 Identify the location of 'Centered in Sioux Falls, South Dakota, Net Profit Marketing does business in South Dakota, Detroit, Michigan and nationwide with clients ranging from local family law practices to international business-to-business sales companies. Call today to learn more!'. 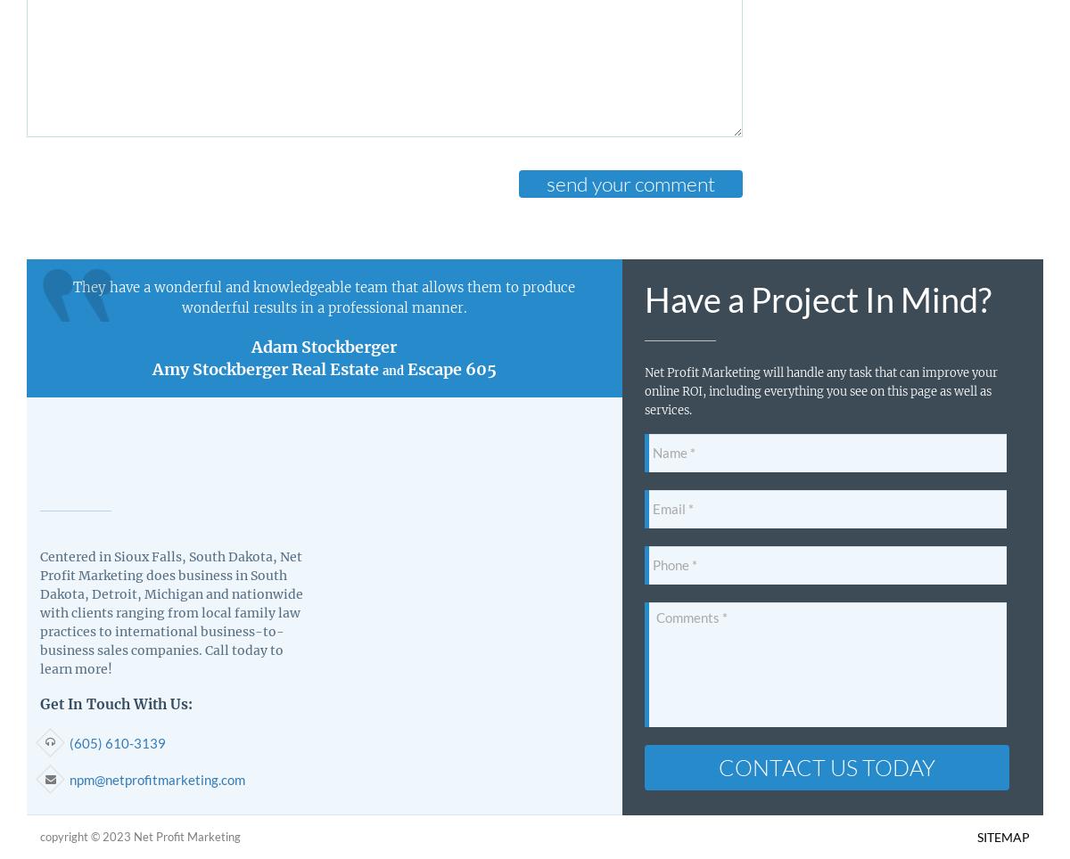
(170, 612).